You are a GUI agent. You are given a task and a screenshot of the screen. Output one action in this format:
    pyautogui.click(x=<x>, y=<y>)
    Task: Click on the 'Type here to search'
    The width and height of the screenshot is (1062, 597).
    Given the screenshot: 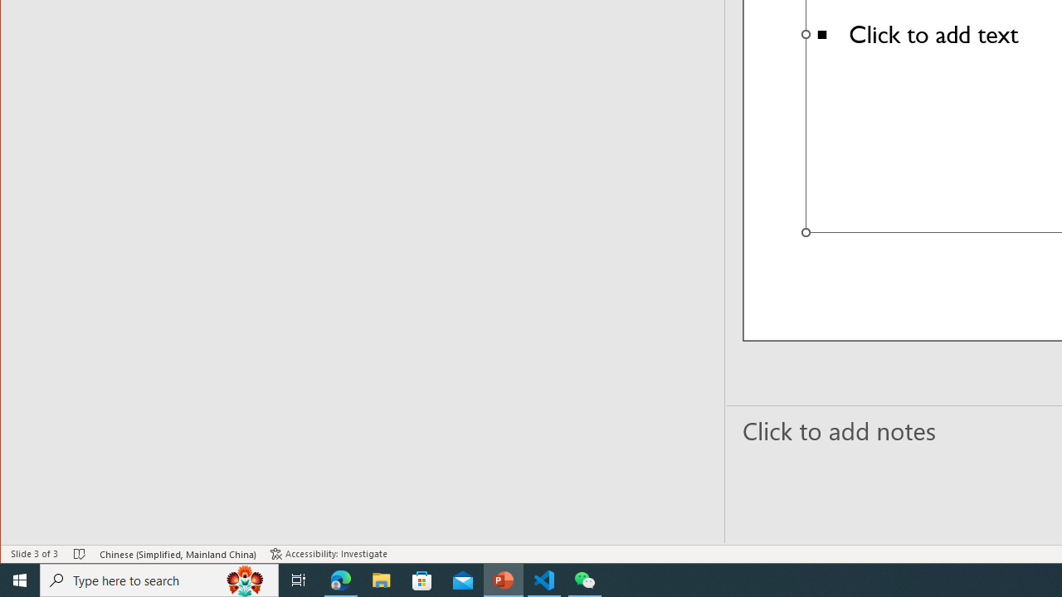 What is the action you would take?
    pyautogui.click(x=159, y=579)
    